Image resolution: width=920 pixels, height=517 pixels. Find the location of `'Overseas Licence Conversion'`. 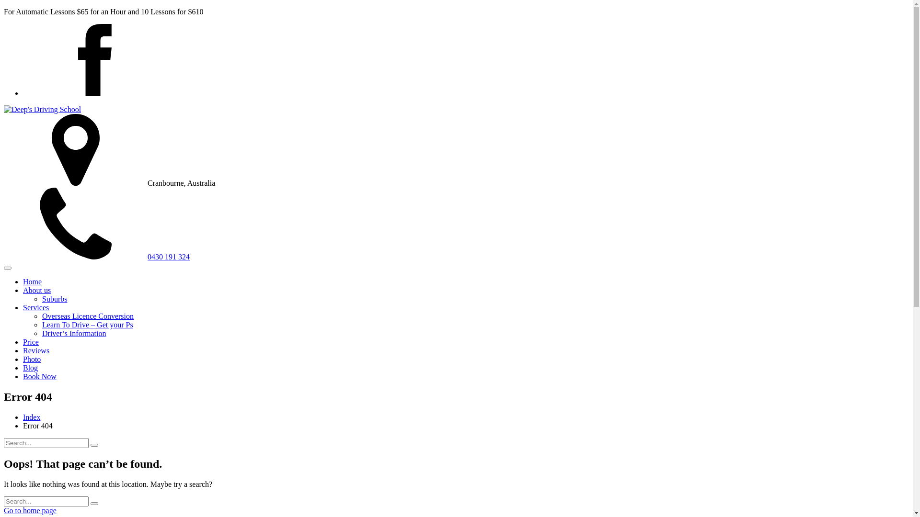

'Overseas Licence Conversion' is located at coordinates (88, 316).